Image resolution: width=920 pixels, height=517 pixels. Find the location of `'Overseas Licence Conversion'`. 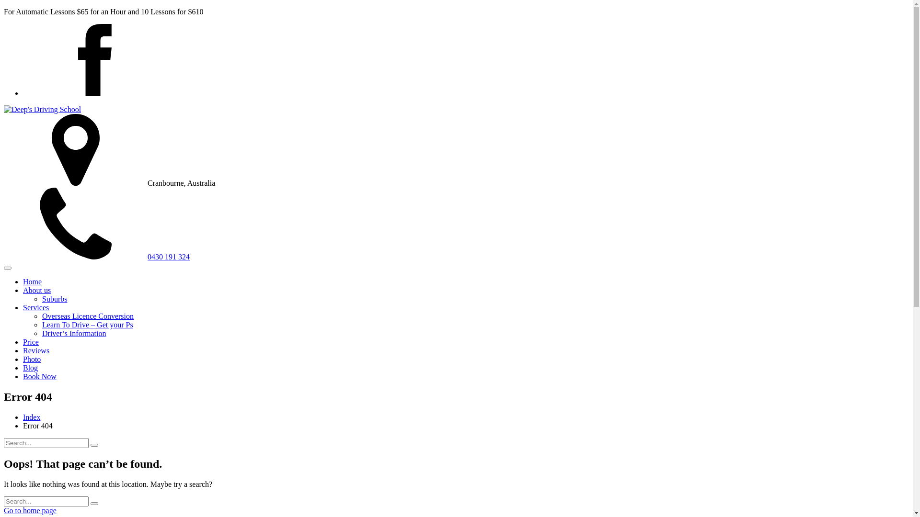

'Overseas Licence Conversion' is located at coordinates (88, 316).